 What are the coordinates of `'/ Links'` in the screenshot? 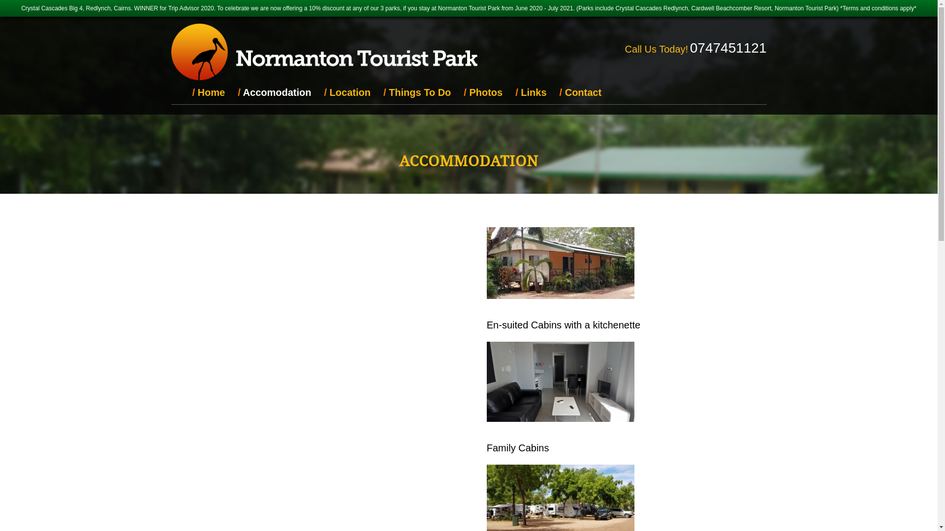 It's located at (530, 92).